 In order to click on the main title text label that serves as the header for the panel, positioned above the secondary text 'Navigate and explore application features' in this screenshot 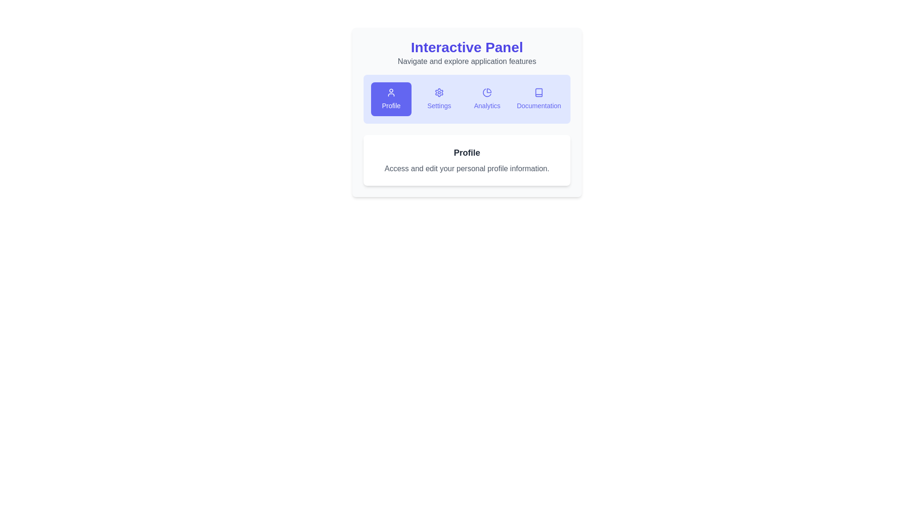, I will do `click(467, 47)`.